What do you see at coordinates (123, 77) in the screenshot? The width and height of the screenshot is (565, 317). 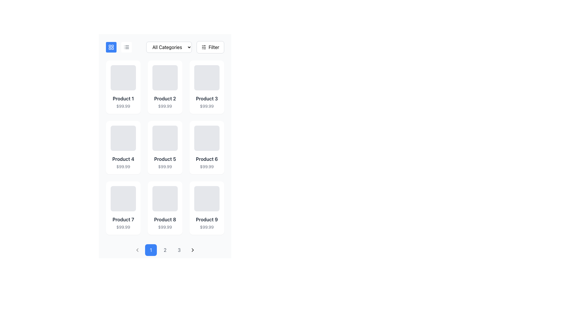 I see `the Placeholder box for 'Product 1', which is located at the top of the first column in the product listing layout` at bounding box center [123, 77].